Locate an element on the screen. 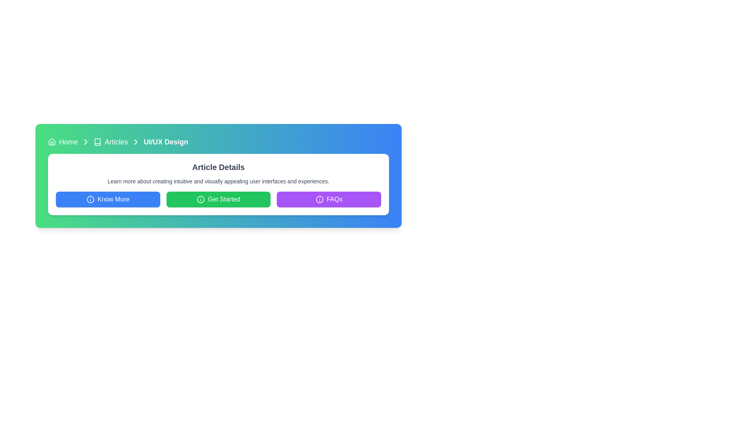 This screenshot has height=425, width=756. the decorative icon within the 'FAQs' button that visually represents the context of the FAQs section is located at coordinates (319, 199).